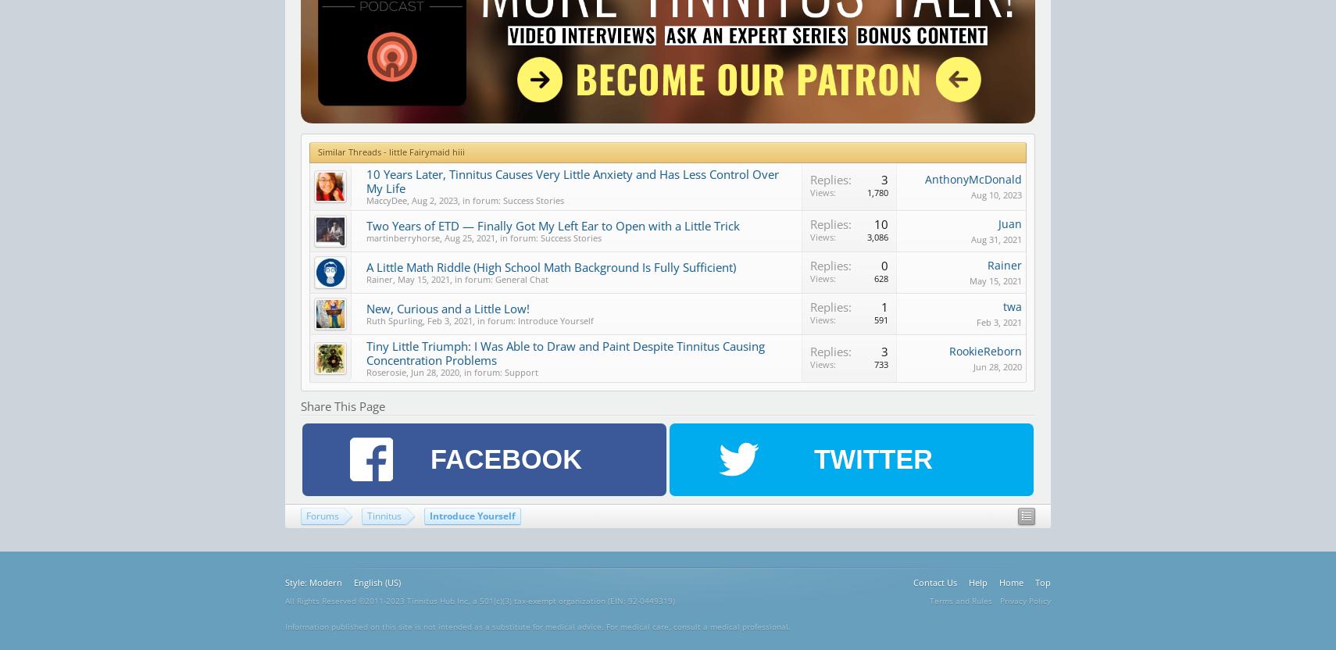 Image resolution: width=1336 pixels, height=650 pixels. Describe the element at coordinates (384, 515) in the screenshot. I see `'Tinnitus'` at that location.